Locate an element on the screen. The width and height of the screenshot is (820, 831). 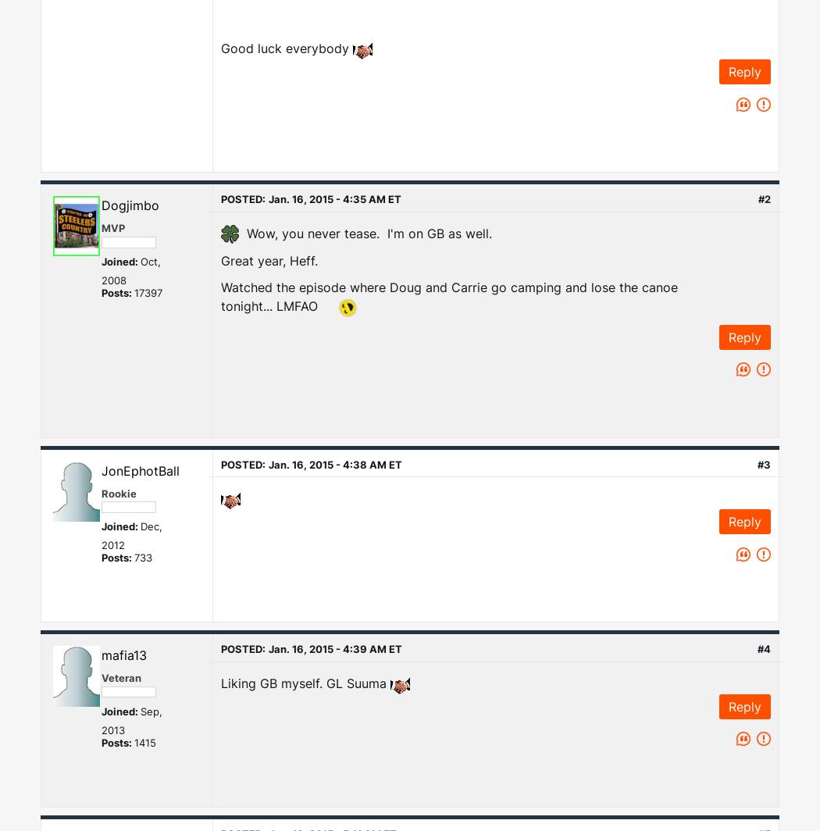
'JonEphotBall' is located at coordinates (140, 470).